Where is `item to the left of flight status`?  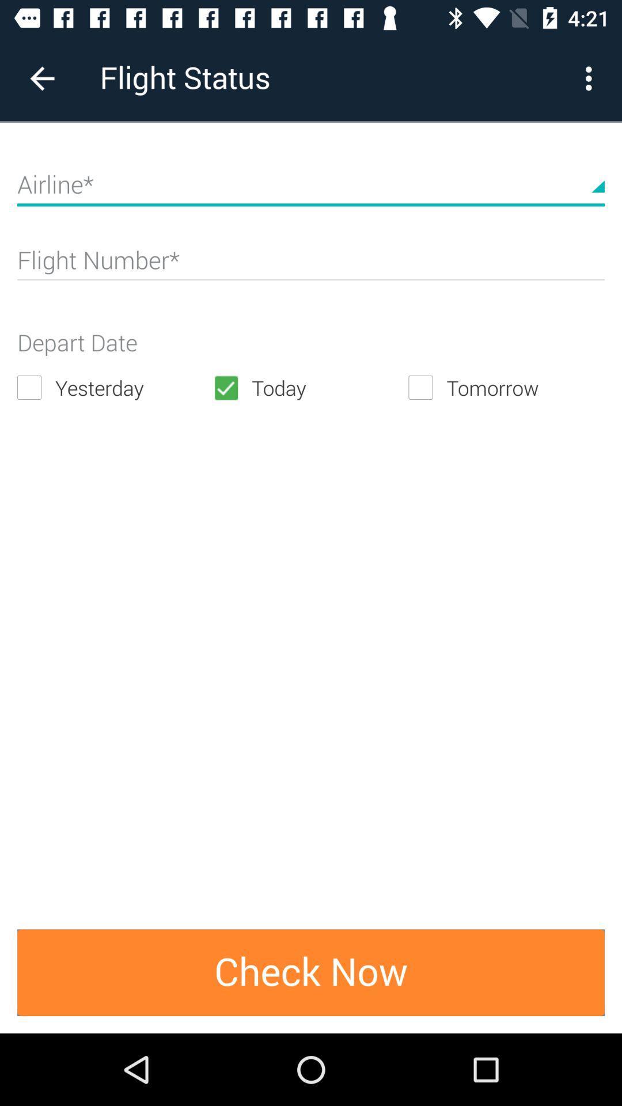
item to the left of flight status is located at coordinates (41, 78).